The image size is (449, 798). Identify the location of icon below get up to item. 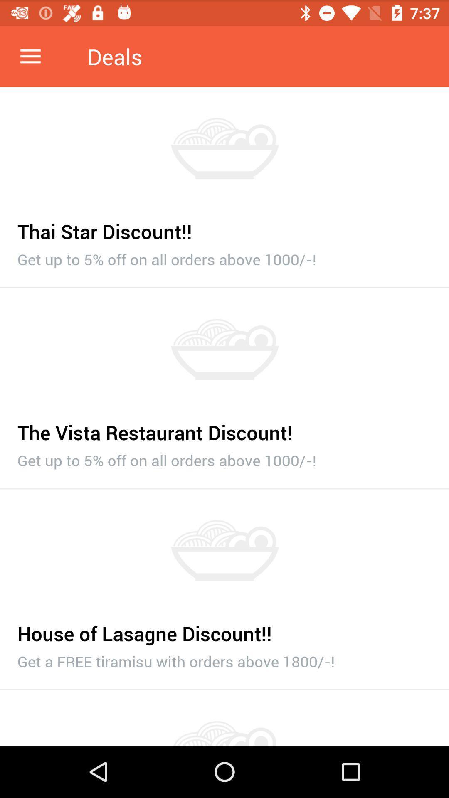
(224, 288).